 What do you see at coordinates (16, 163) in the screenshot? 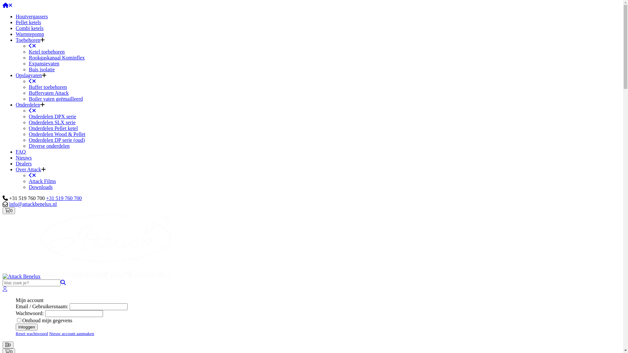
I see `'Dealers'` at bounding box center [16, 163].